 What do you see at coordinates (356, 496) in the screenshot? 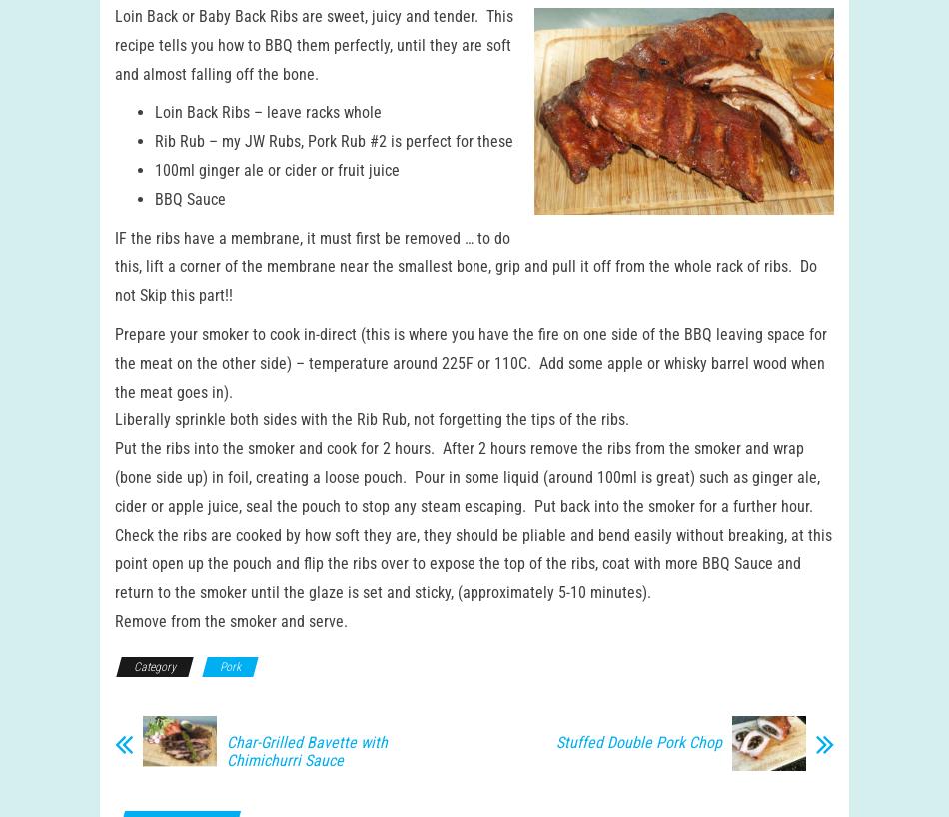
I see `'a loose pouch'` at bounding box center [356, 496].